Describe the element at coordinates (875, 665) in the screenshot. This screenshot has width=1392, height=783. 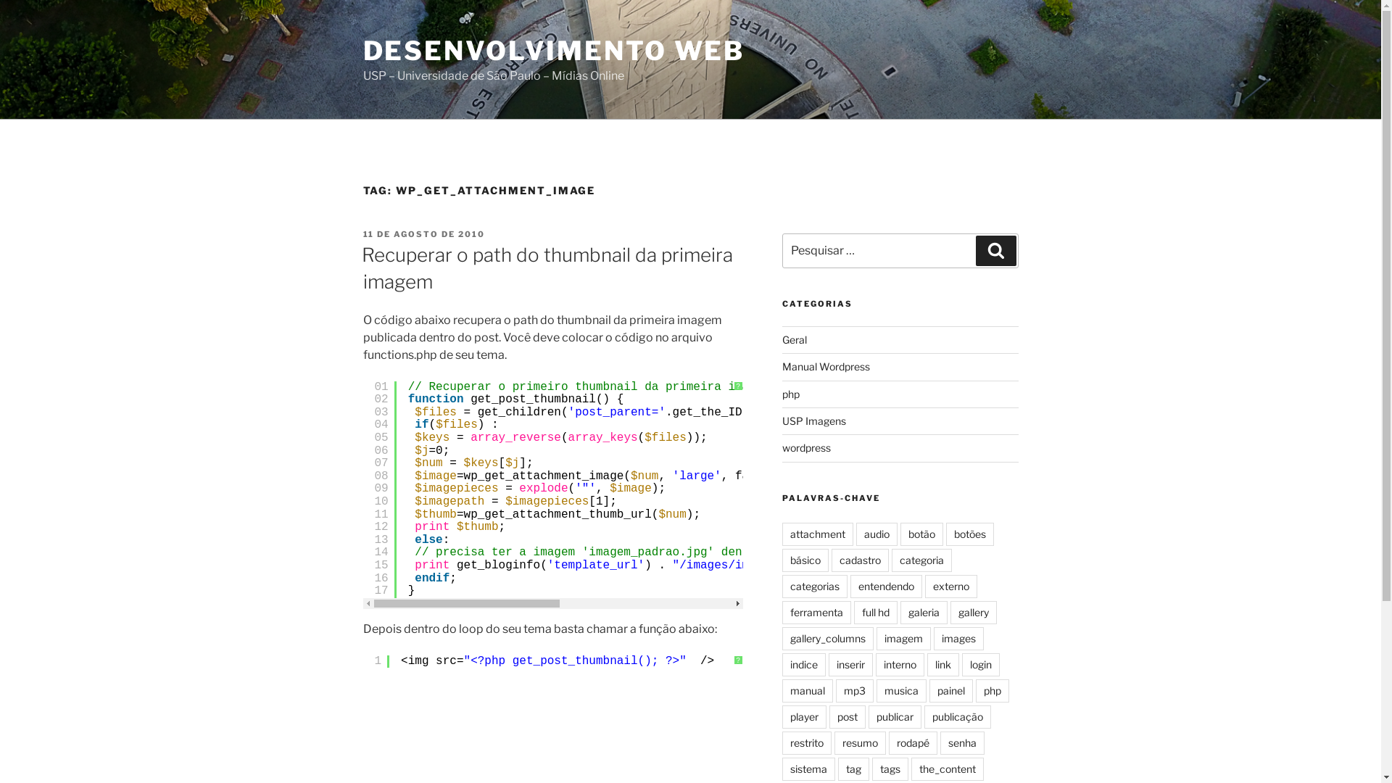
I see `'interno'` at that location.